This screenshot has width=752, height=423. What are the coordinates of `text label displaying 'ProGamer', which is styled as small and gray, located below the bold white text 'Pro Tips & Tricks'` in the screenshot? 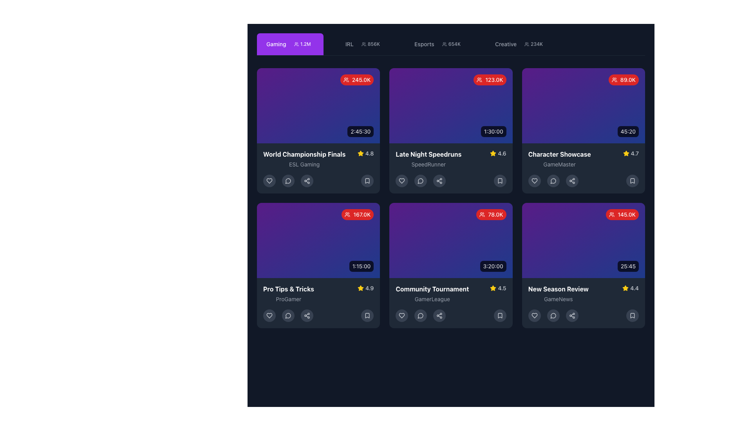 It's located at (288, 299).